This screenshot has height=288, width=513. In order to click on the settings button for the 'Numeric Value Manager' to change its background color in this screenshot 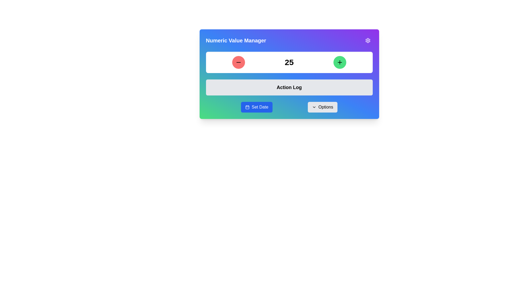, I will do `click(367, 40)`.